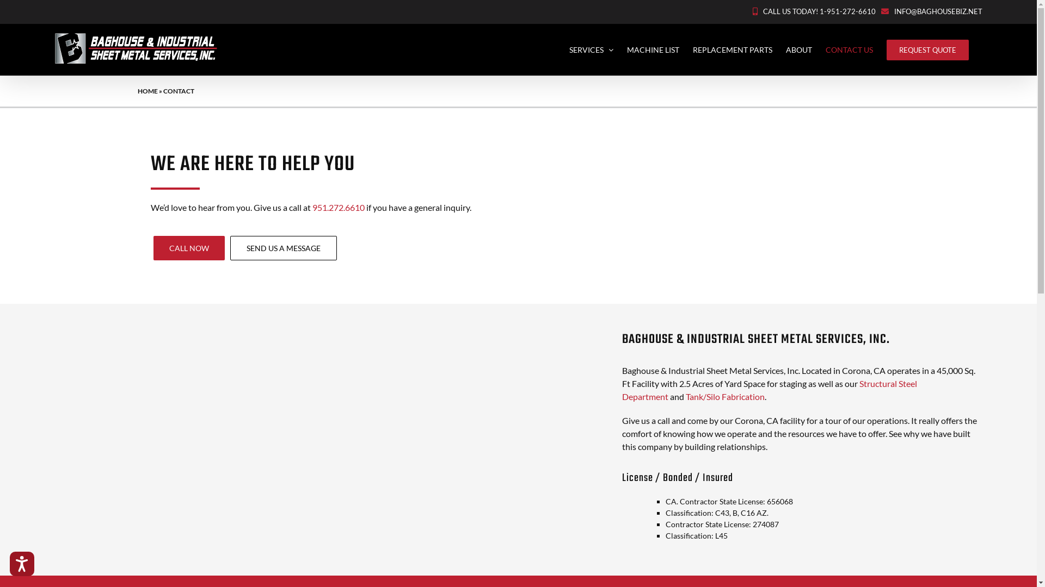 This screenshot has width=1045, height=587. I want to click on 'MACHINE LIST', so click(653, 49).